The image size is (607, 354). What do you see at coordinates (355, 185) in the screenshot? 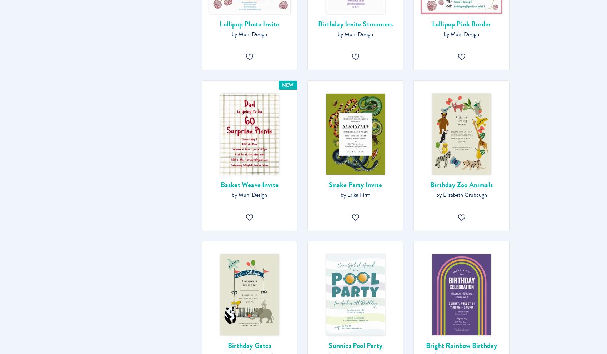
I see `'Snake Party Invite'` at bounding box center [355, 185].